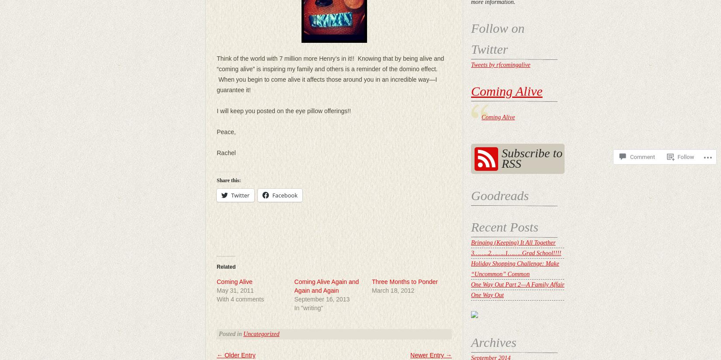  What do you see at coordinates (225, 131) in the screenshot?
I see `'Peace,'` at bounding box center [225, 131].